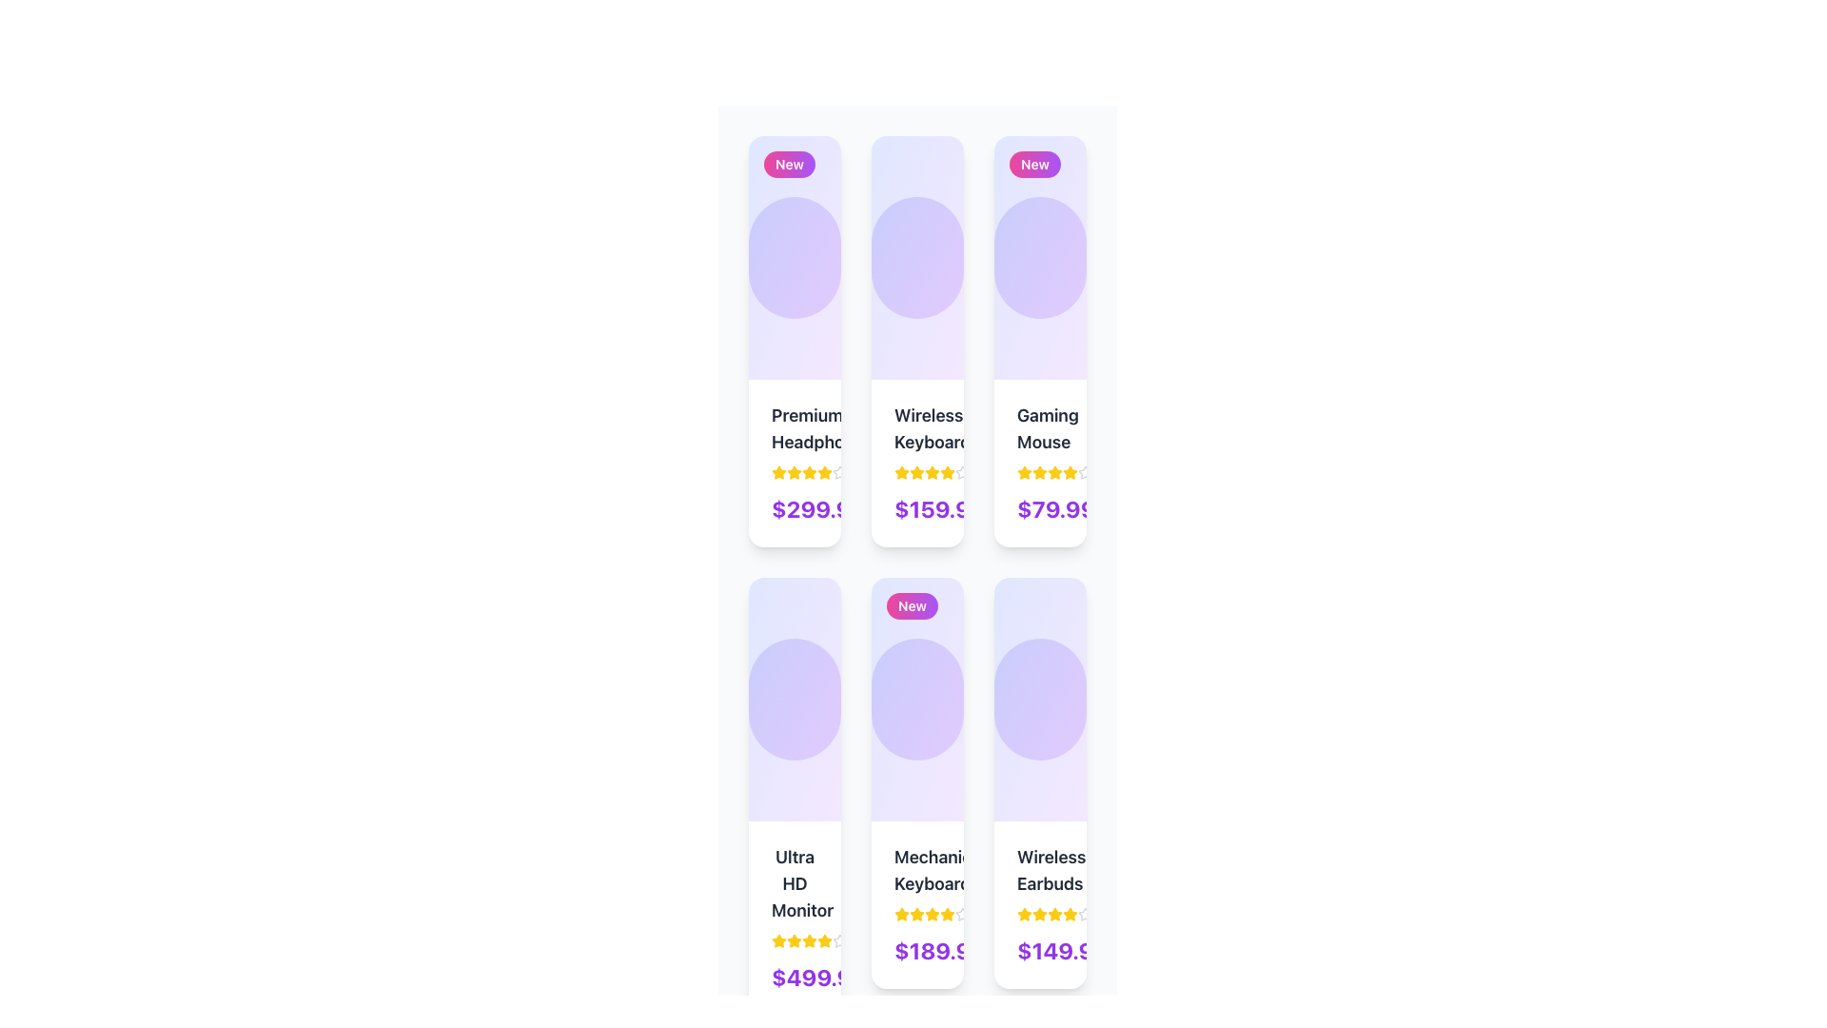 This screenshot has height=1028, width=1827. What do you see at coordinates (912, 605) in the screenshot?
I see `the 'New' badge located at the top-left corner of the product card in the second row of the grid layout to draw attention to the associated product` at bounding box center [912, 605].